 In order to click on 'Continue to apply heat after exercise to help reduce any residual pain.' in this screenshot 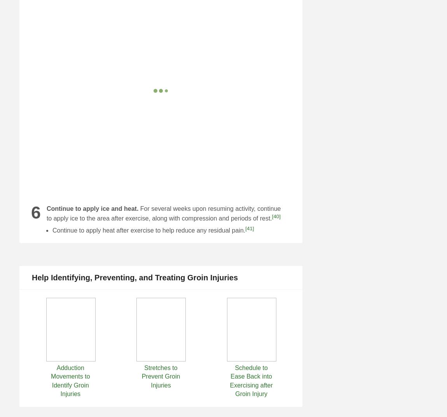, I will do `click(52, 230)`.